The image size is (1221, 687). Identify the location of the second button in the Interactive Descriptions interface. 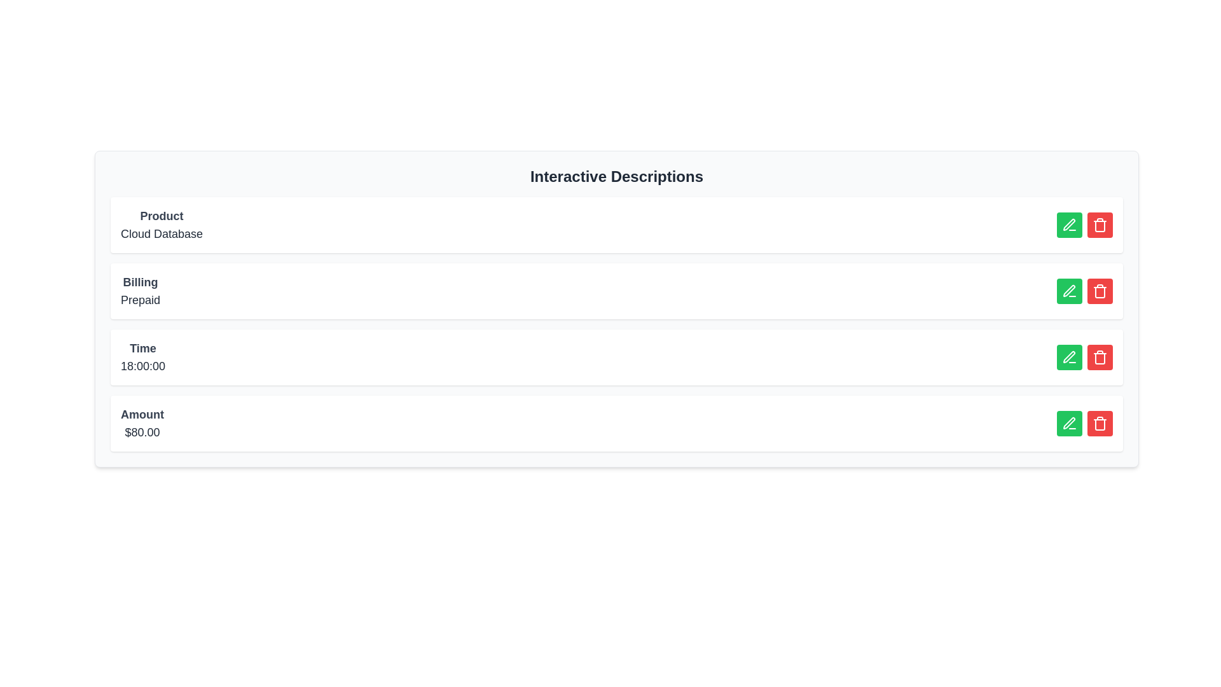
(1068, 291).